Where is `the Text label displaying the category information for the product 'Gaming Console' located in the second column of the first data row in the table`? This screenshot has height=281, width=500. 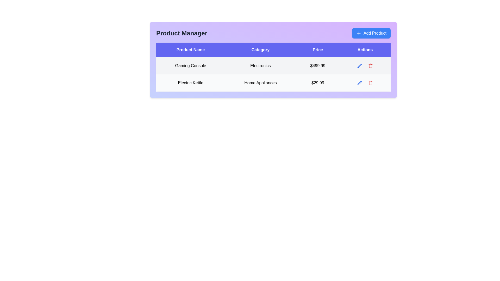
the Text label displaying the category information for the product 'Gaming Console' located in the second column of the first data row in the table is located at coordinates (260, 66).